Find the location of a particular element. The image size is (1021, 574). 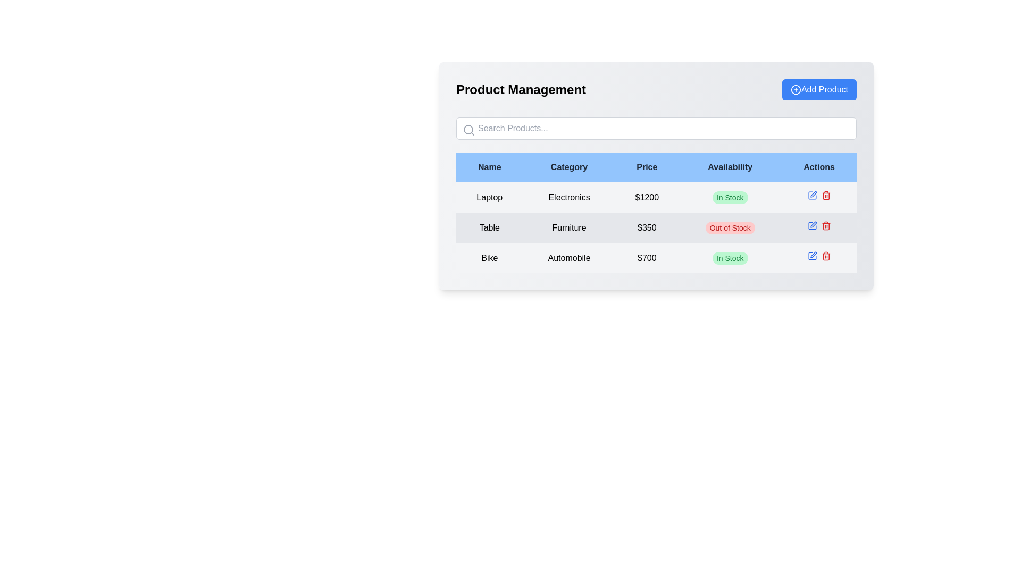

the 'Add Product' button which contains the circular icon with a plus sign, located at the upper right corner of the interface is located at coordinates (796, 89).